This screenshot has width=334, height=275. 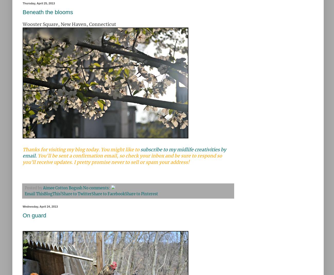 I want to click on 'Share to Facebook', so click(x=108, y=194).